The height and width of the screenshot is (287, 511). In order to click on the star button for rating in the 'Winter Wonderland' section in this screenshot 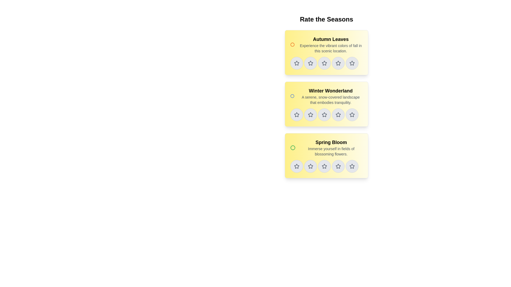, I will do `click(310, 115)`.